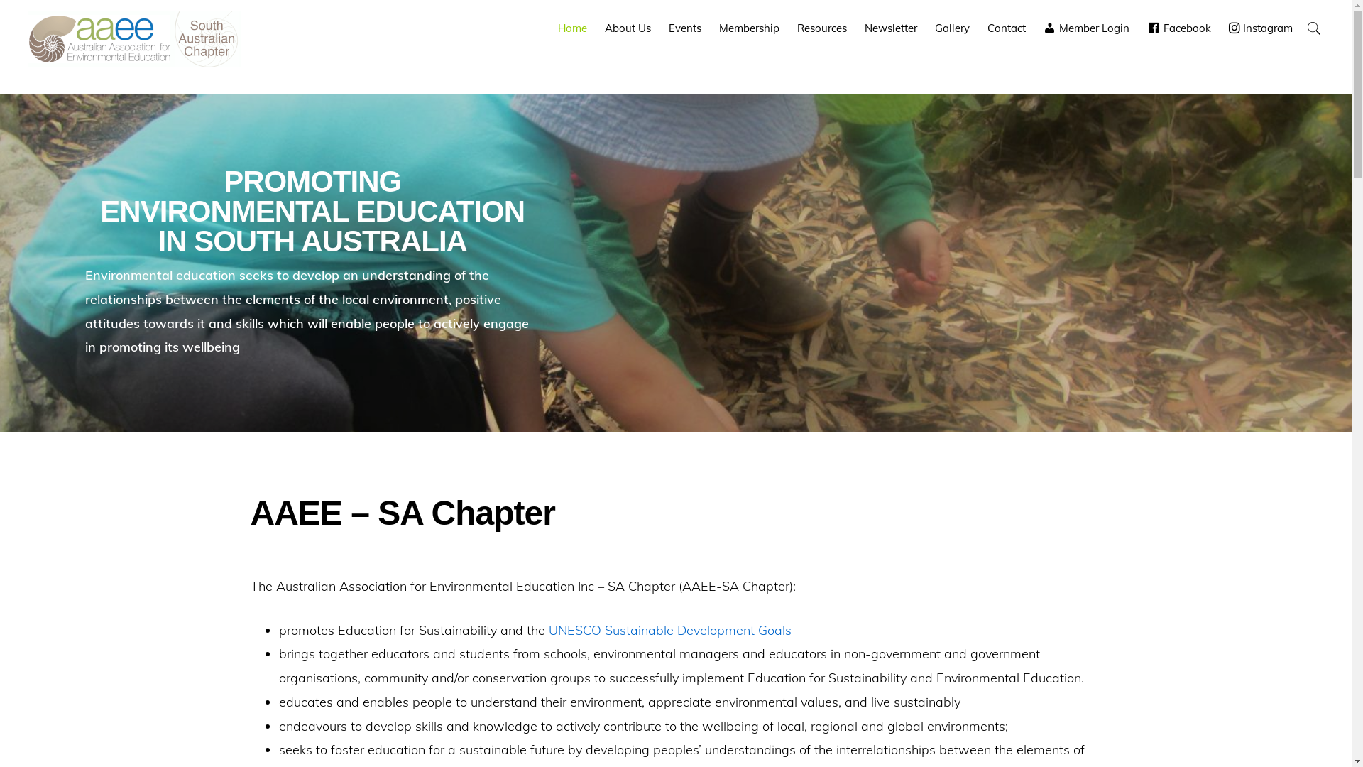  Describe the element at coordinates (572, 28) in the screenshot. I see `'Home'` at that location.